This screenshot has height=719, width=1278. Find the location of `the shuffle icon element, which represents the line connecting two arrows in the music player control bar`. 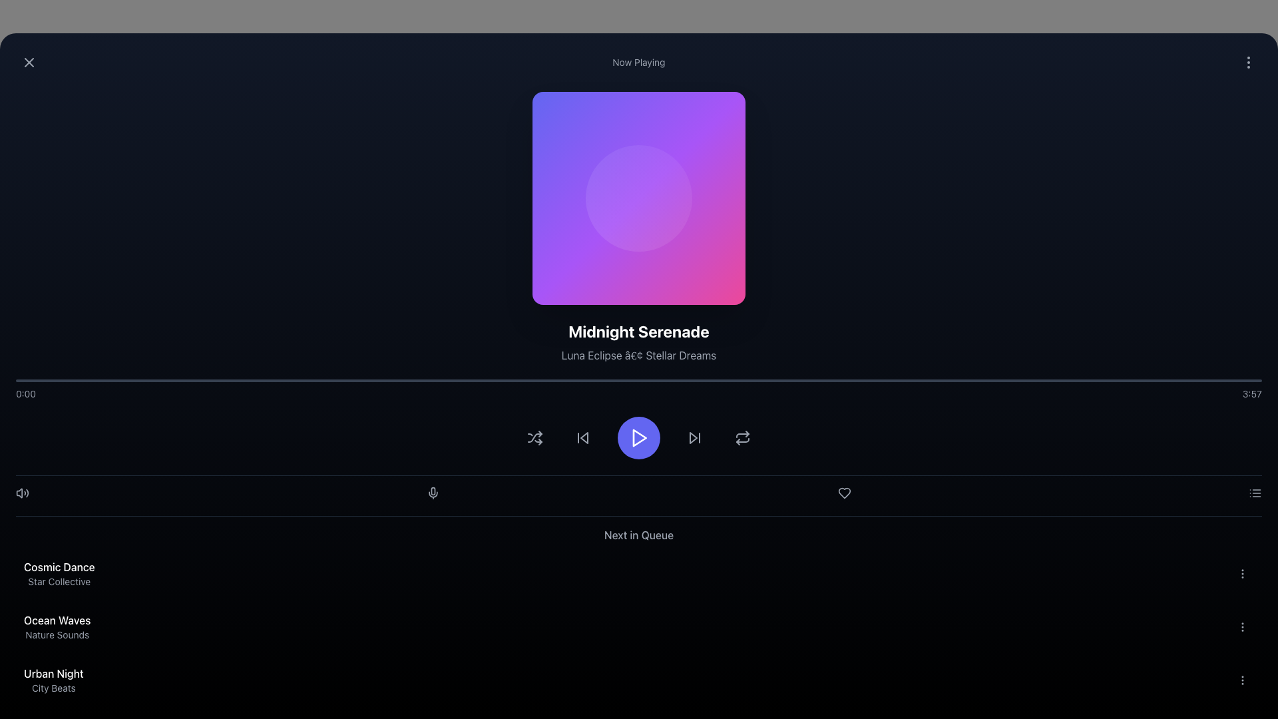

the shuffle icon element, which represents the line connecting two arrows in the music player control bar is located at coordinates (535, 438).